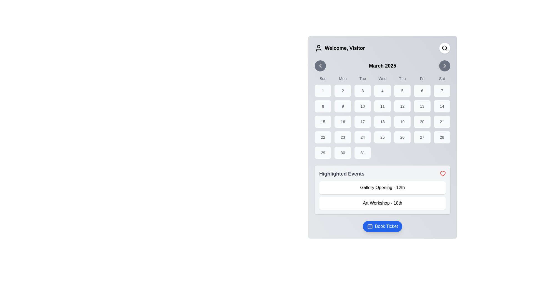  What do you see at coordinates (442, 121) in the screenshot?
I see `the rectangular button labeled '21' with rounded corners and a light gray background in the calendar layout, located in the fourth row and seventh column under the 'Sat' header` at bounding box center [442, 121].